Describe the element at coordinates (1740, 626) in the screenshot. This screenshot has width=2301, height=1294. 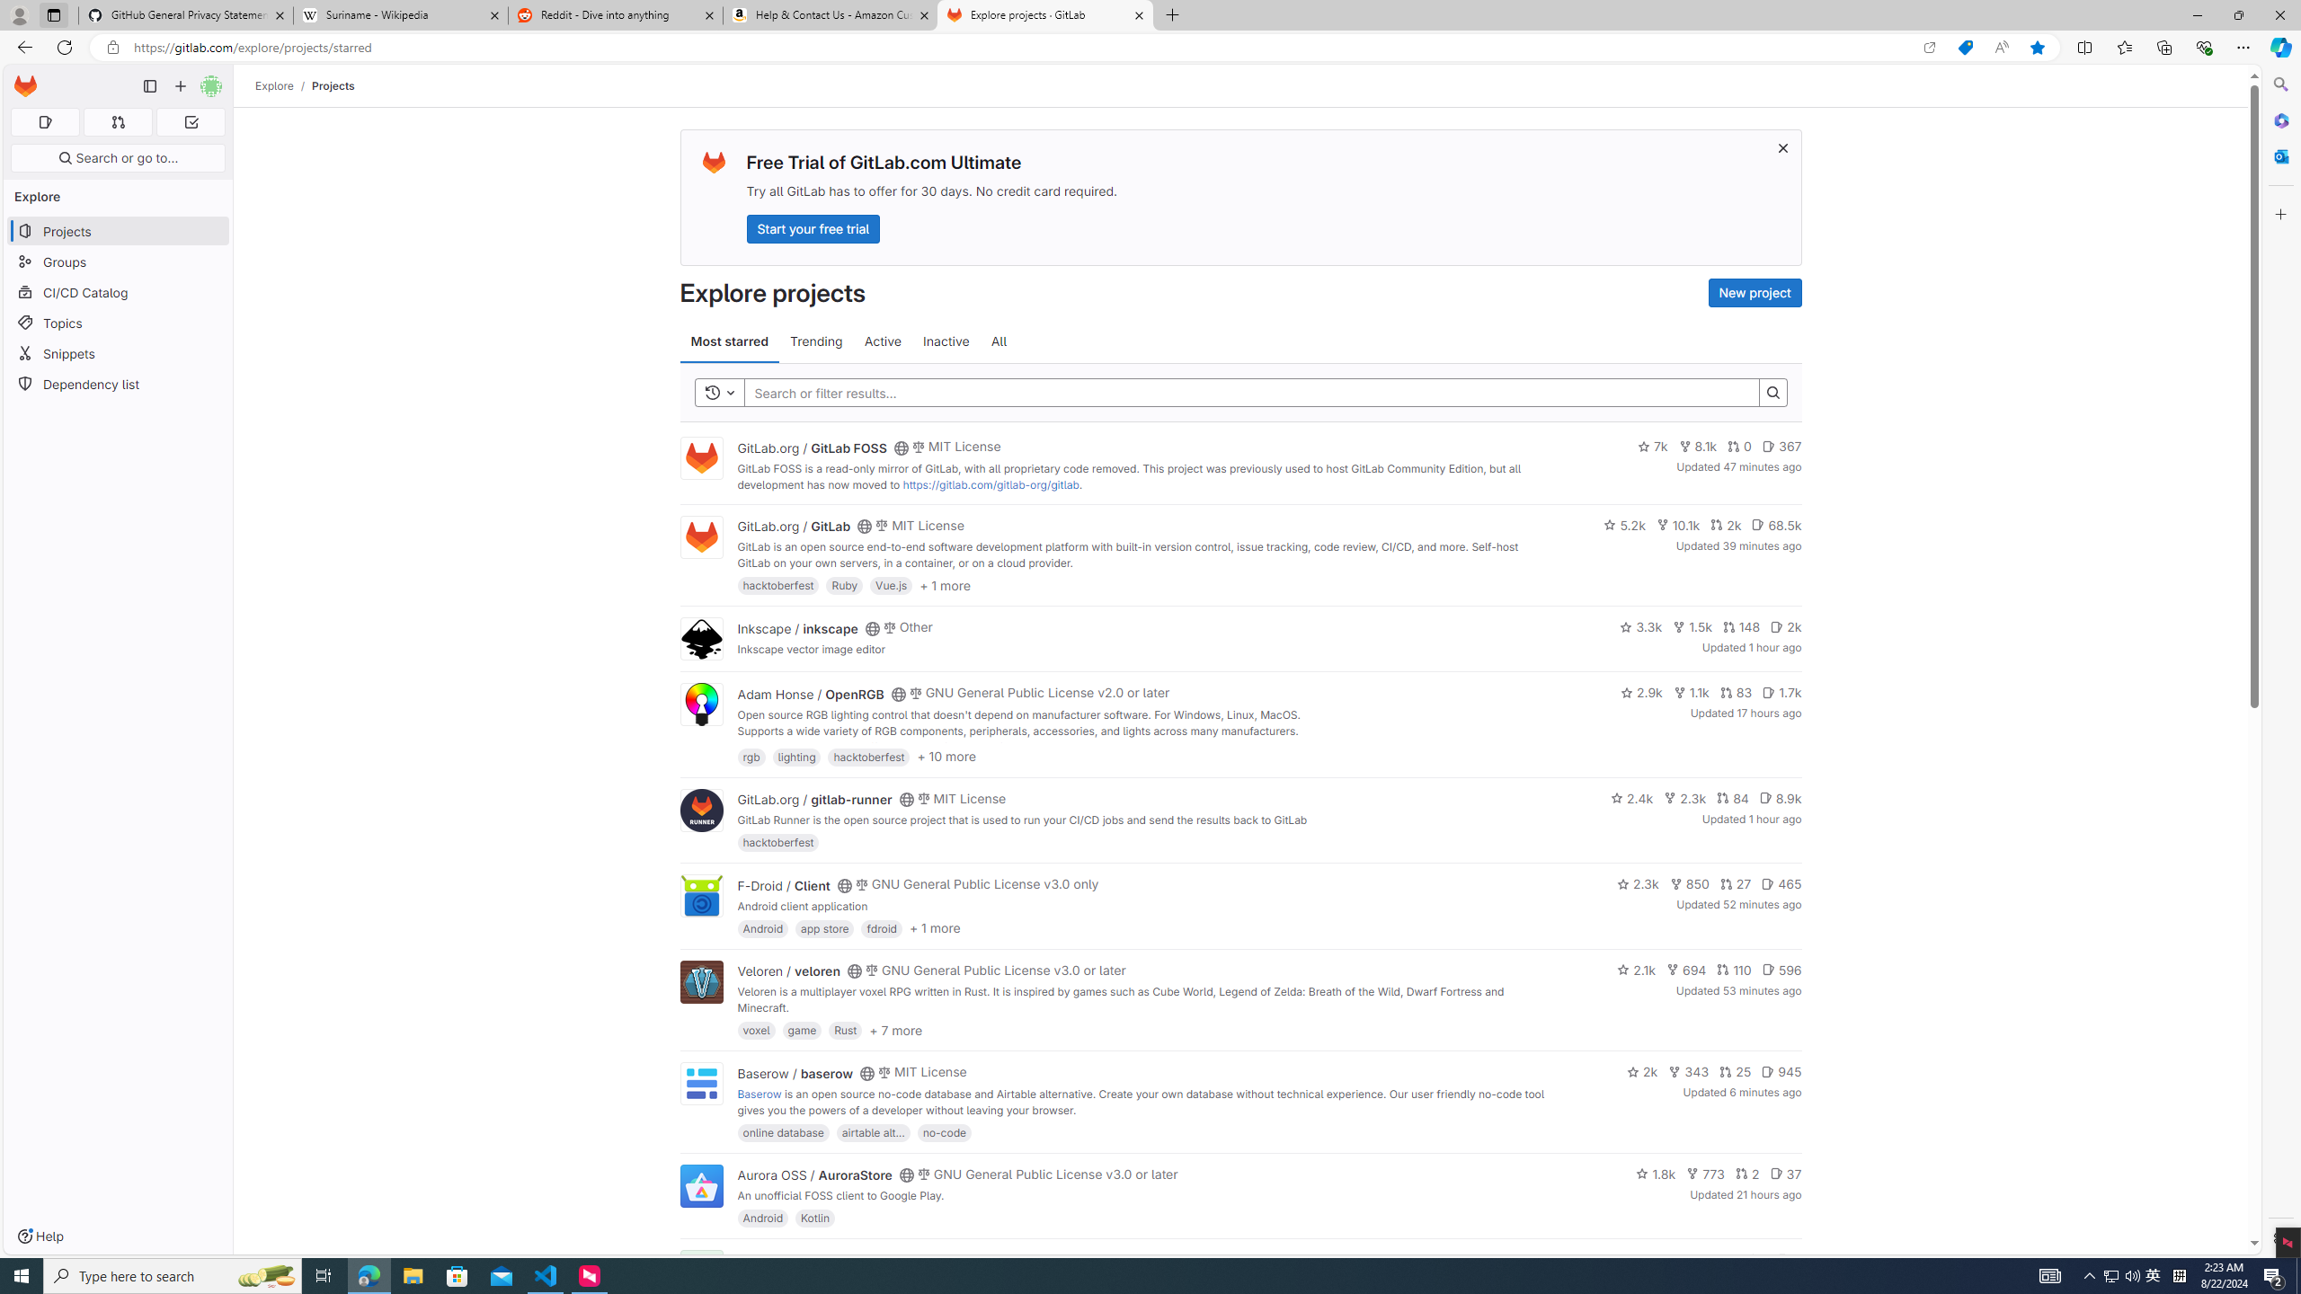
I see `'148'` at that location.